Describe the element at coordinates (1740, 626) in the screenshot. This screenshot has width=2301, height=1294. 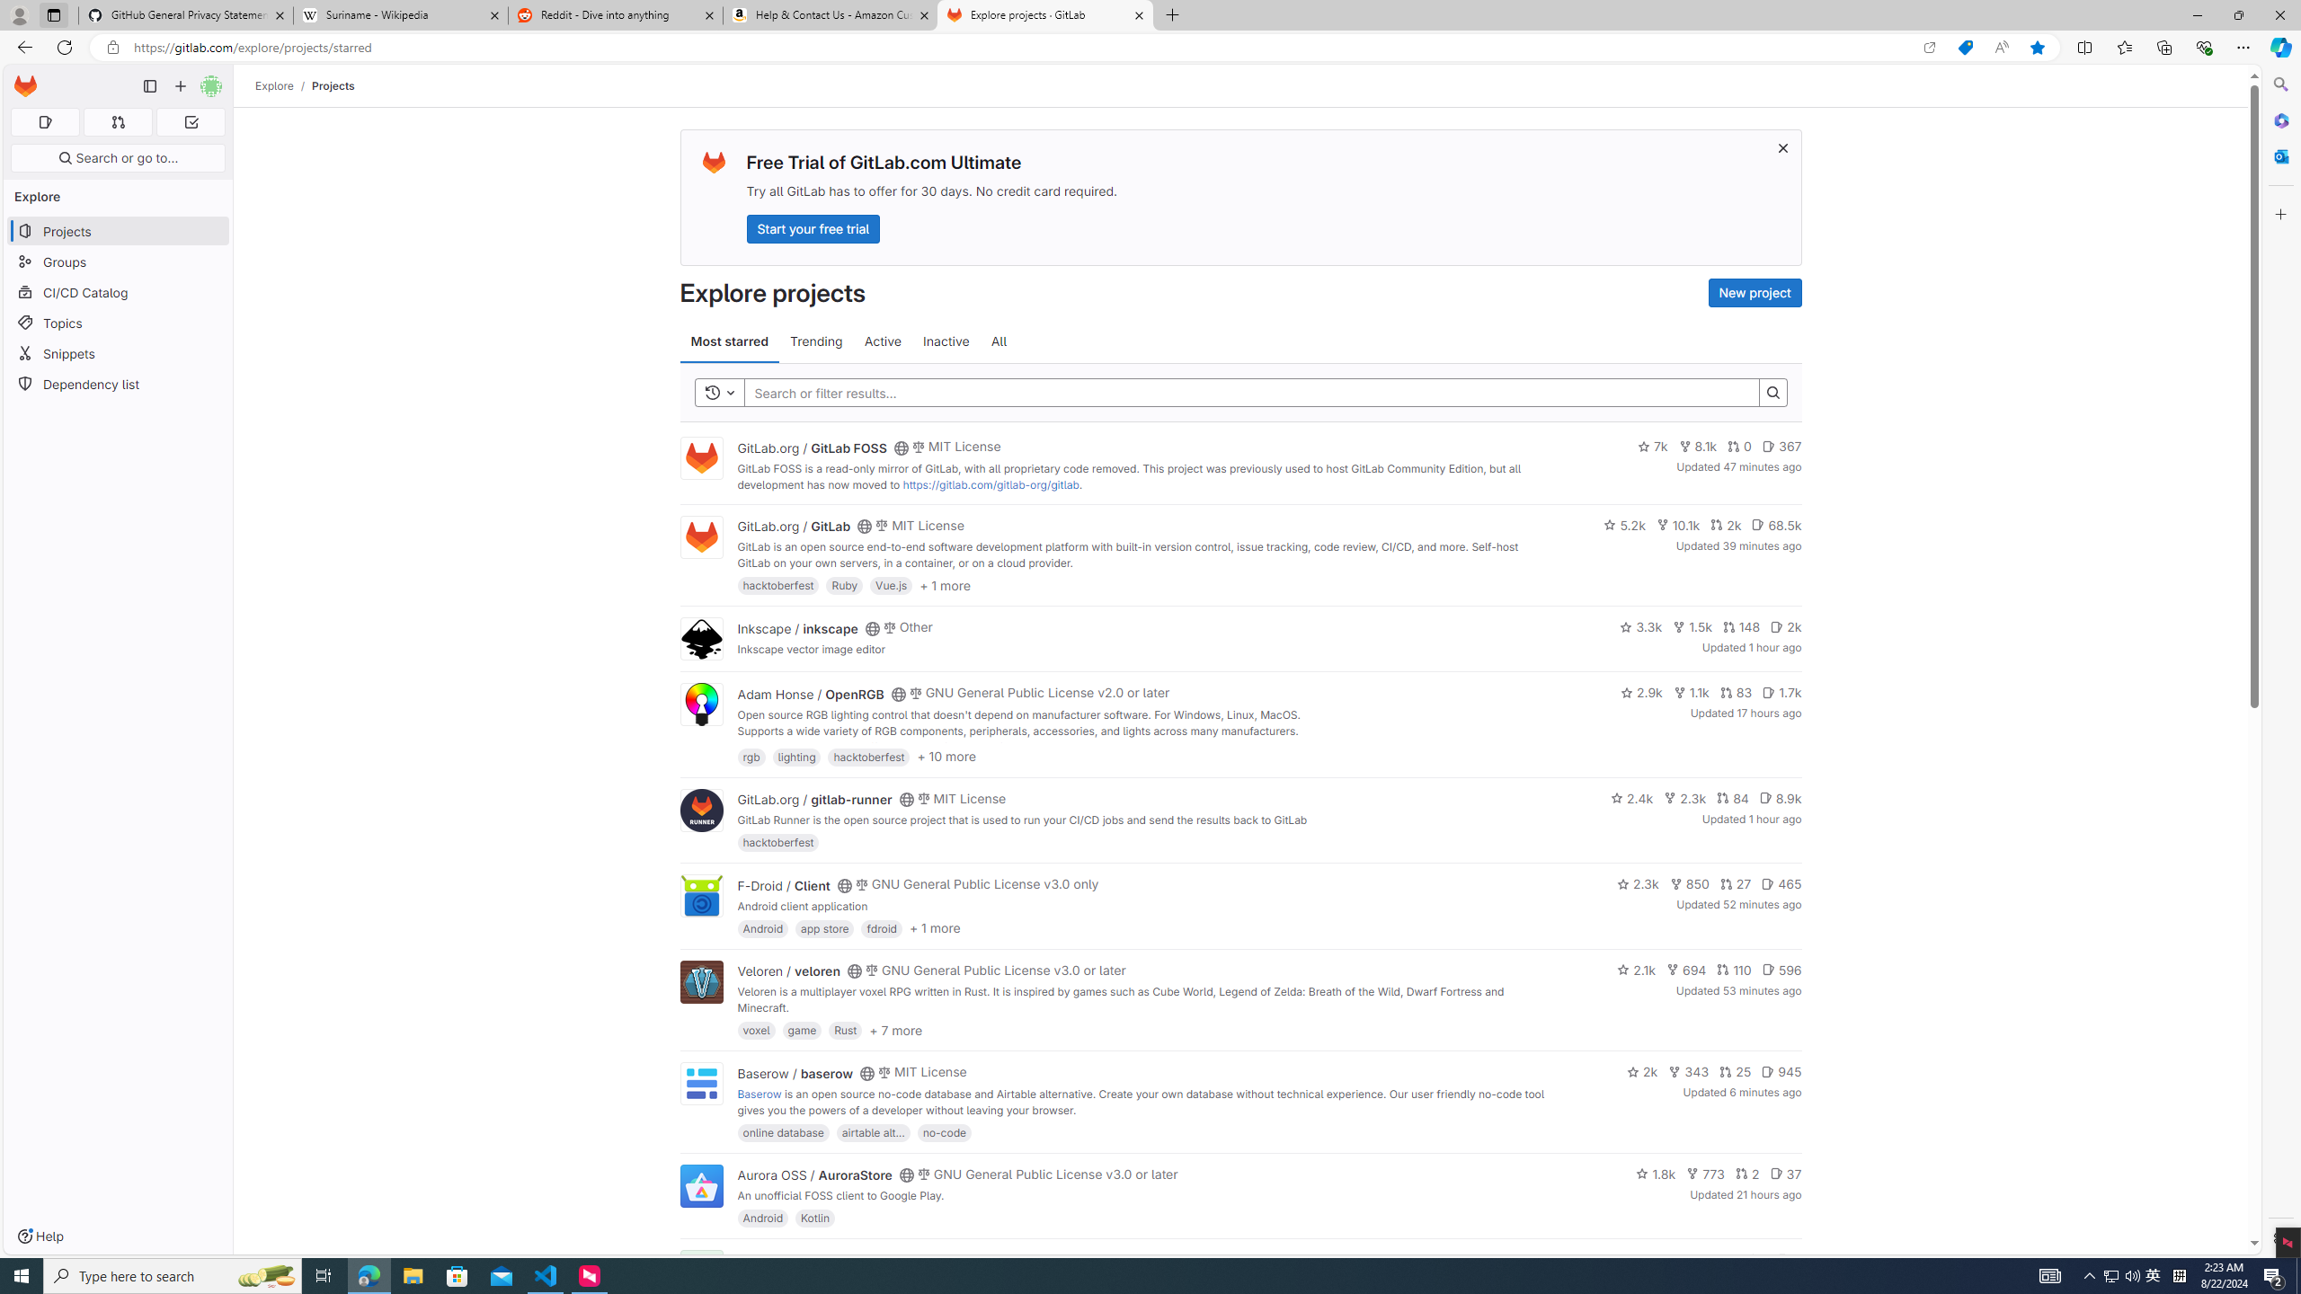
I see `'148'` at that location.